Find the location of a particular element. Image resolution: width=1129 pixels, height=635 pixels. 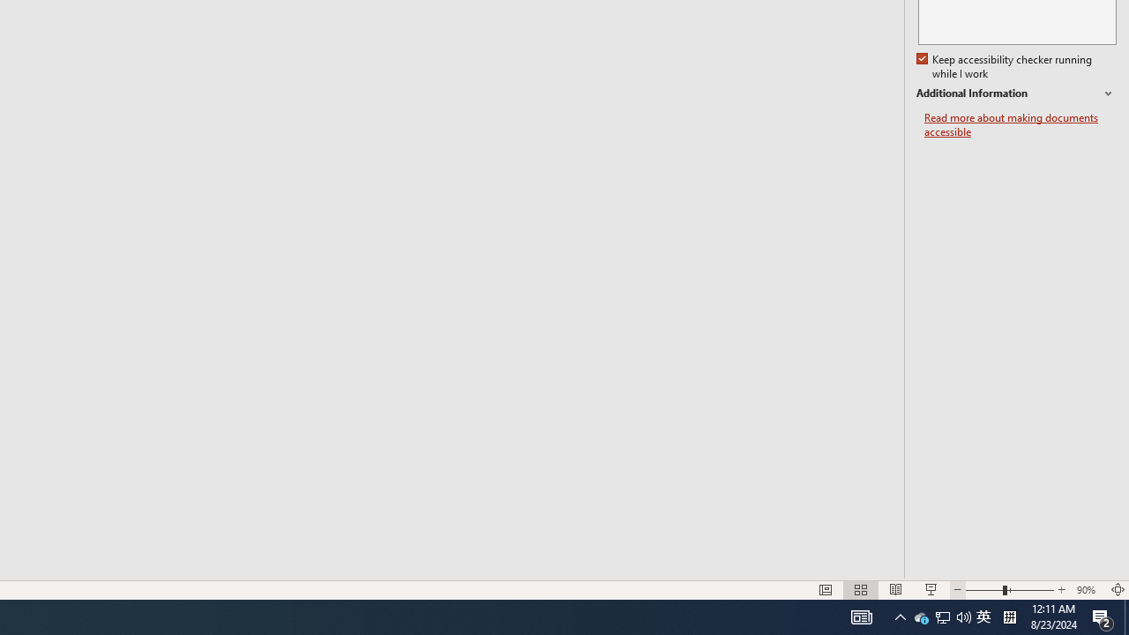

'Zoom 90%' is located at coordinates (1088, 590).